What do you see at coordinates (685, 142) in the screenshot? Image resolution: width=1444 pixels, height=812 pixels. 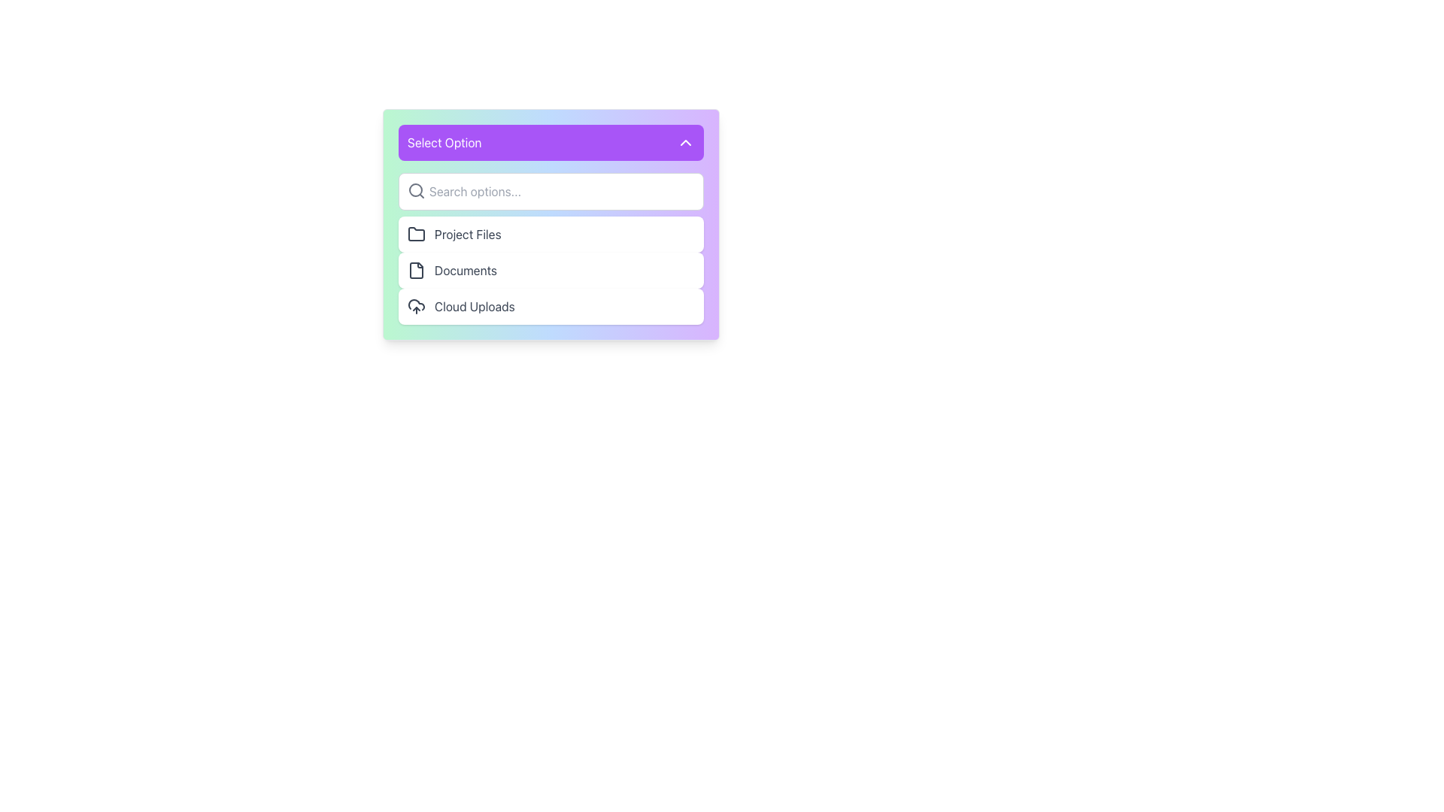 I see `the small triangular chevron-up icon located in the top-right corner of the purple header section labeled 'Select Option'` at bounding box center [685, 142].